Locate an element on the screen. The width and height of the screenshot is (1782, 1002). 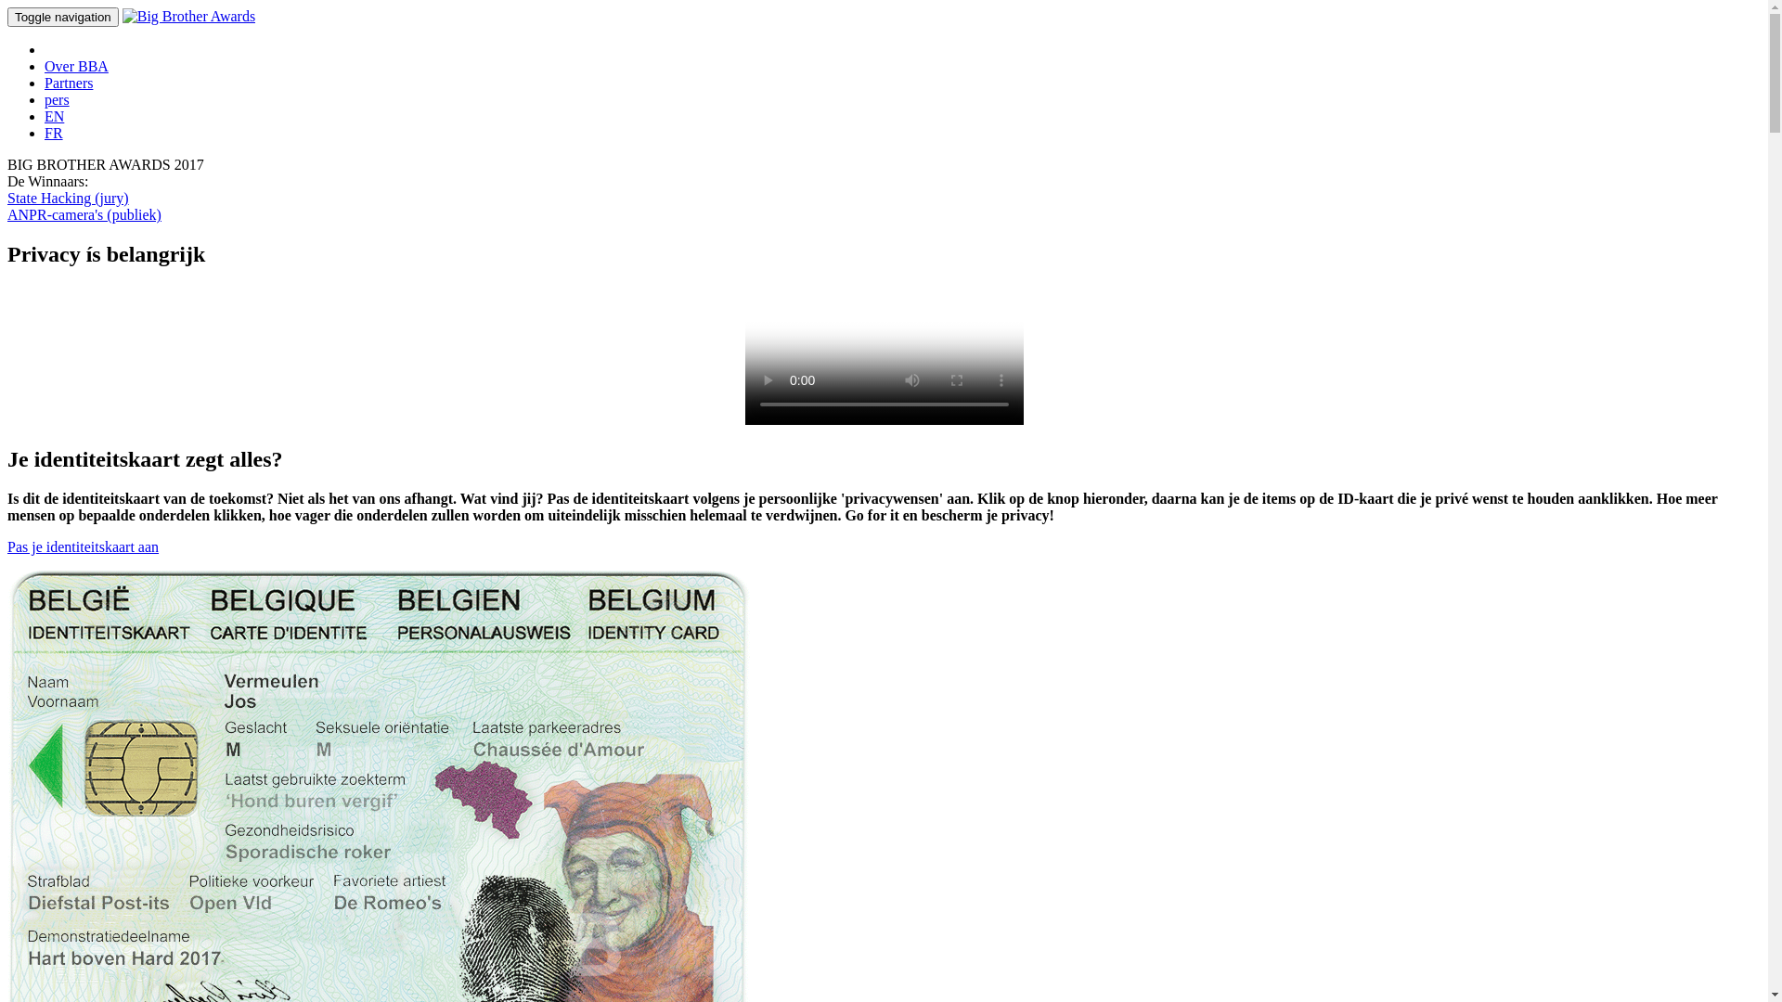
'Over BBA' is located at coordinates (75, 65).